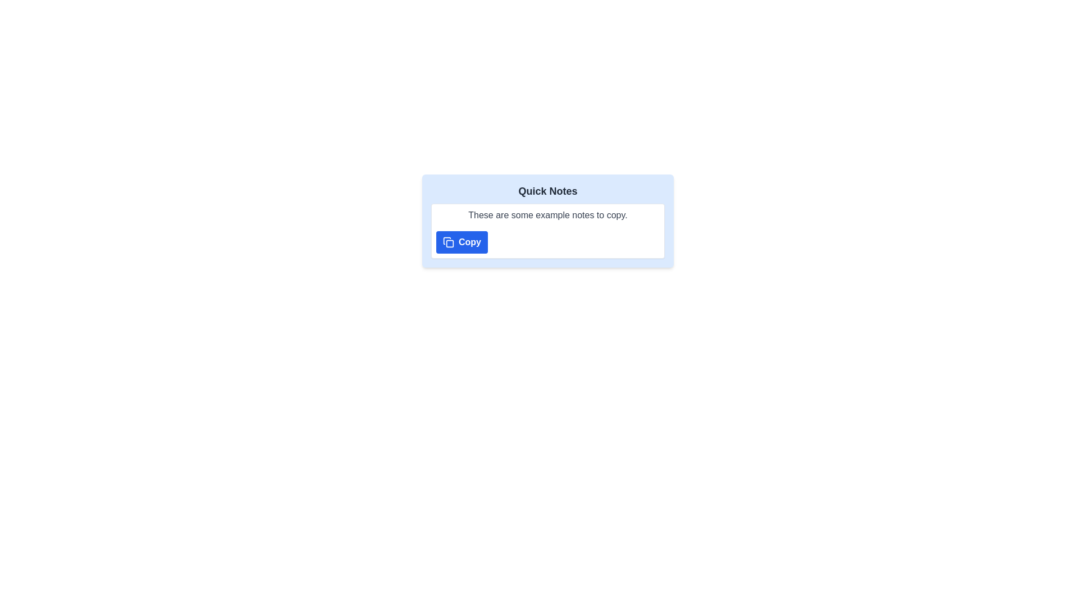 This screenshot has width=1078, height=606. What do you see at coordinates (447, 242) in the screenshot?
I see `the icon with a blue outline that resembles overlapping squares, located to the left of the 'Copy' label` at bounding box center [447, 242].